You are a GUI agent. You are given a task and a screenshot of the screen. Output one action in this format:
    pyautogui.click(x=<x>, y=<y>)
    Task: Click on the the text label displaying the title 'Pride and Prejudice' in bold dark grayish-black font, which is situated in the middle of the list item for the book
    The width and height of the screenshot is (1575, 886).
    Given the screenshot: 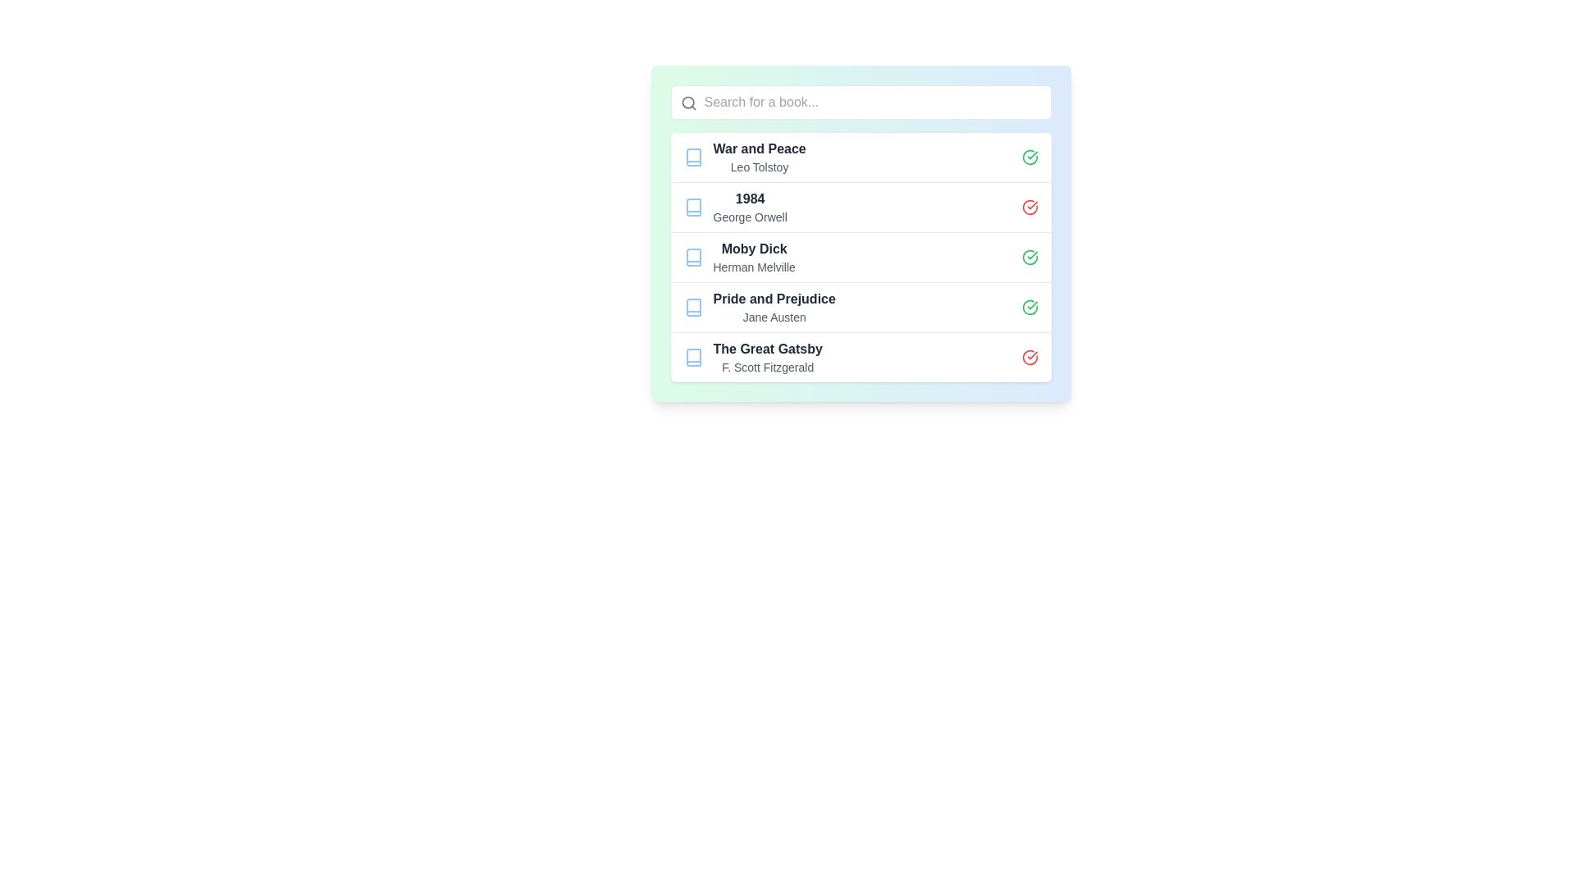 What is the action you would take?
    pyautogui.click(x=774, y=299)
    